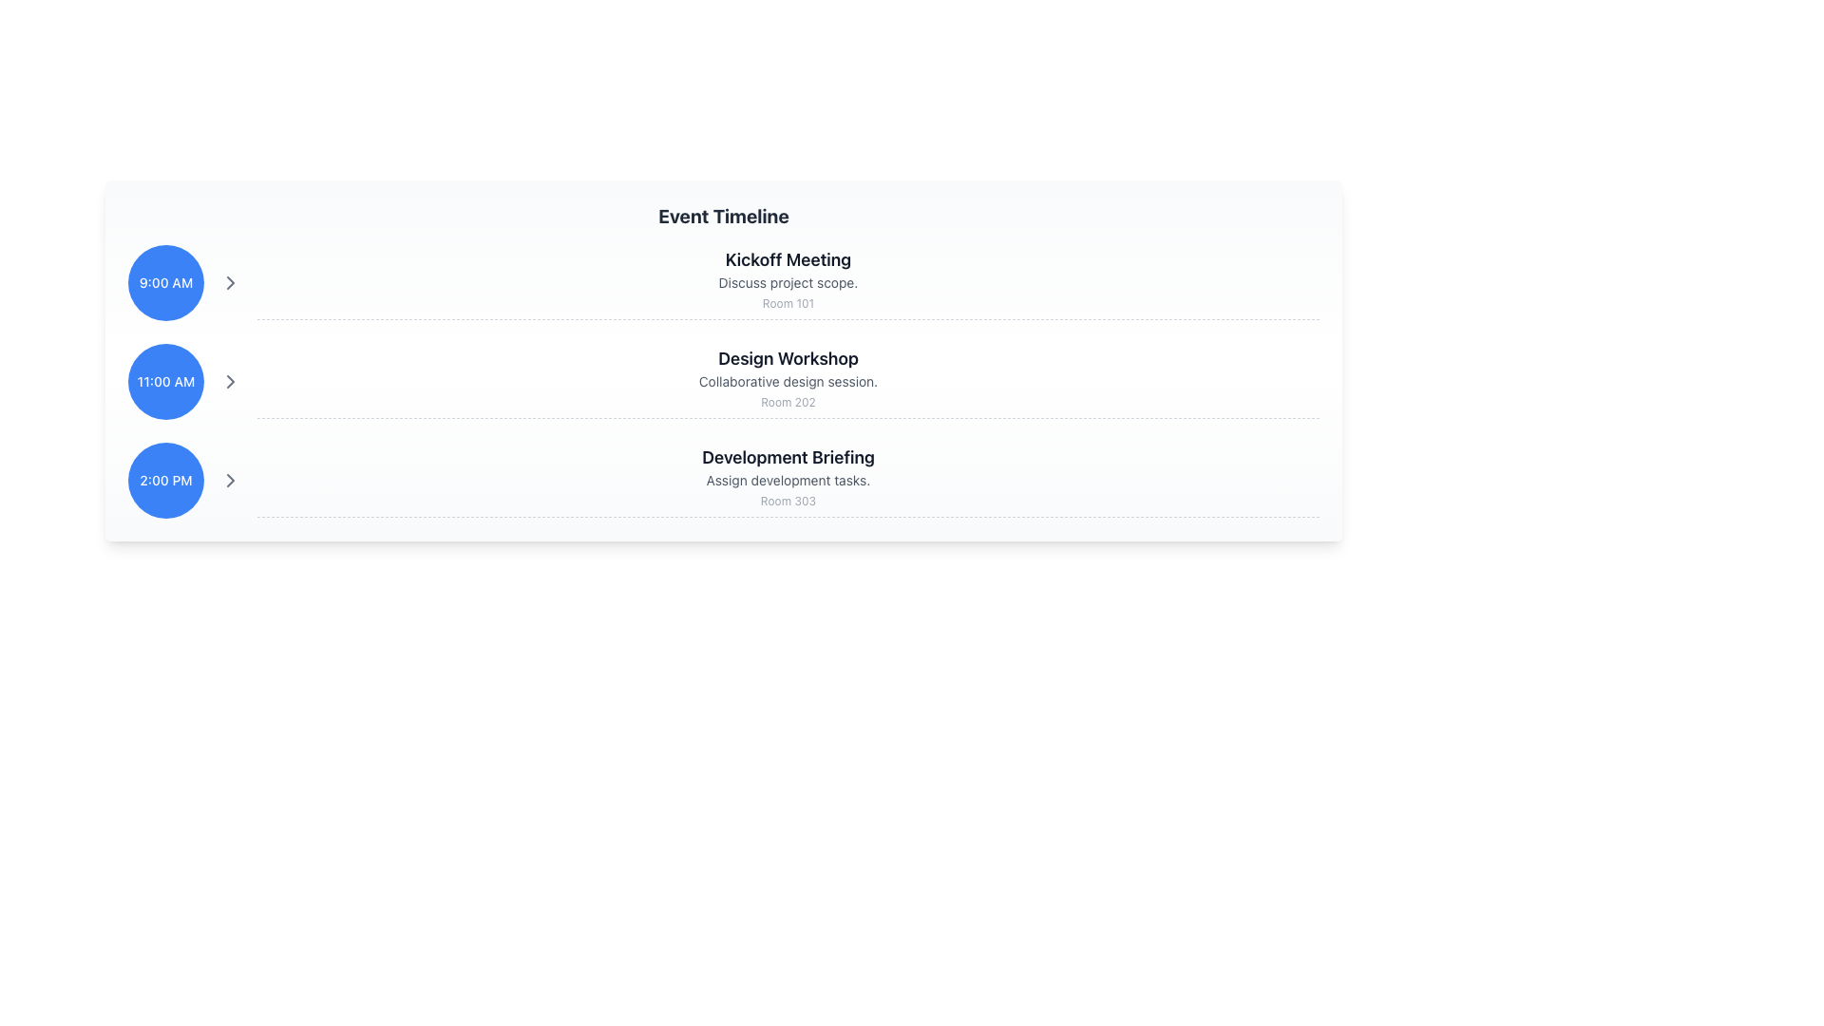 Image resolution: width=1824 pixels, height=1026 pixels. What do you see at coordinates (788, 401) in the screenshot?
I see `the text label that says 'Room 202', which is a small gray text located at the bottom of the event description panel for 'Design Workshop'` at bounding box center [788, 401].